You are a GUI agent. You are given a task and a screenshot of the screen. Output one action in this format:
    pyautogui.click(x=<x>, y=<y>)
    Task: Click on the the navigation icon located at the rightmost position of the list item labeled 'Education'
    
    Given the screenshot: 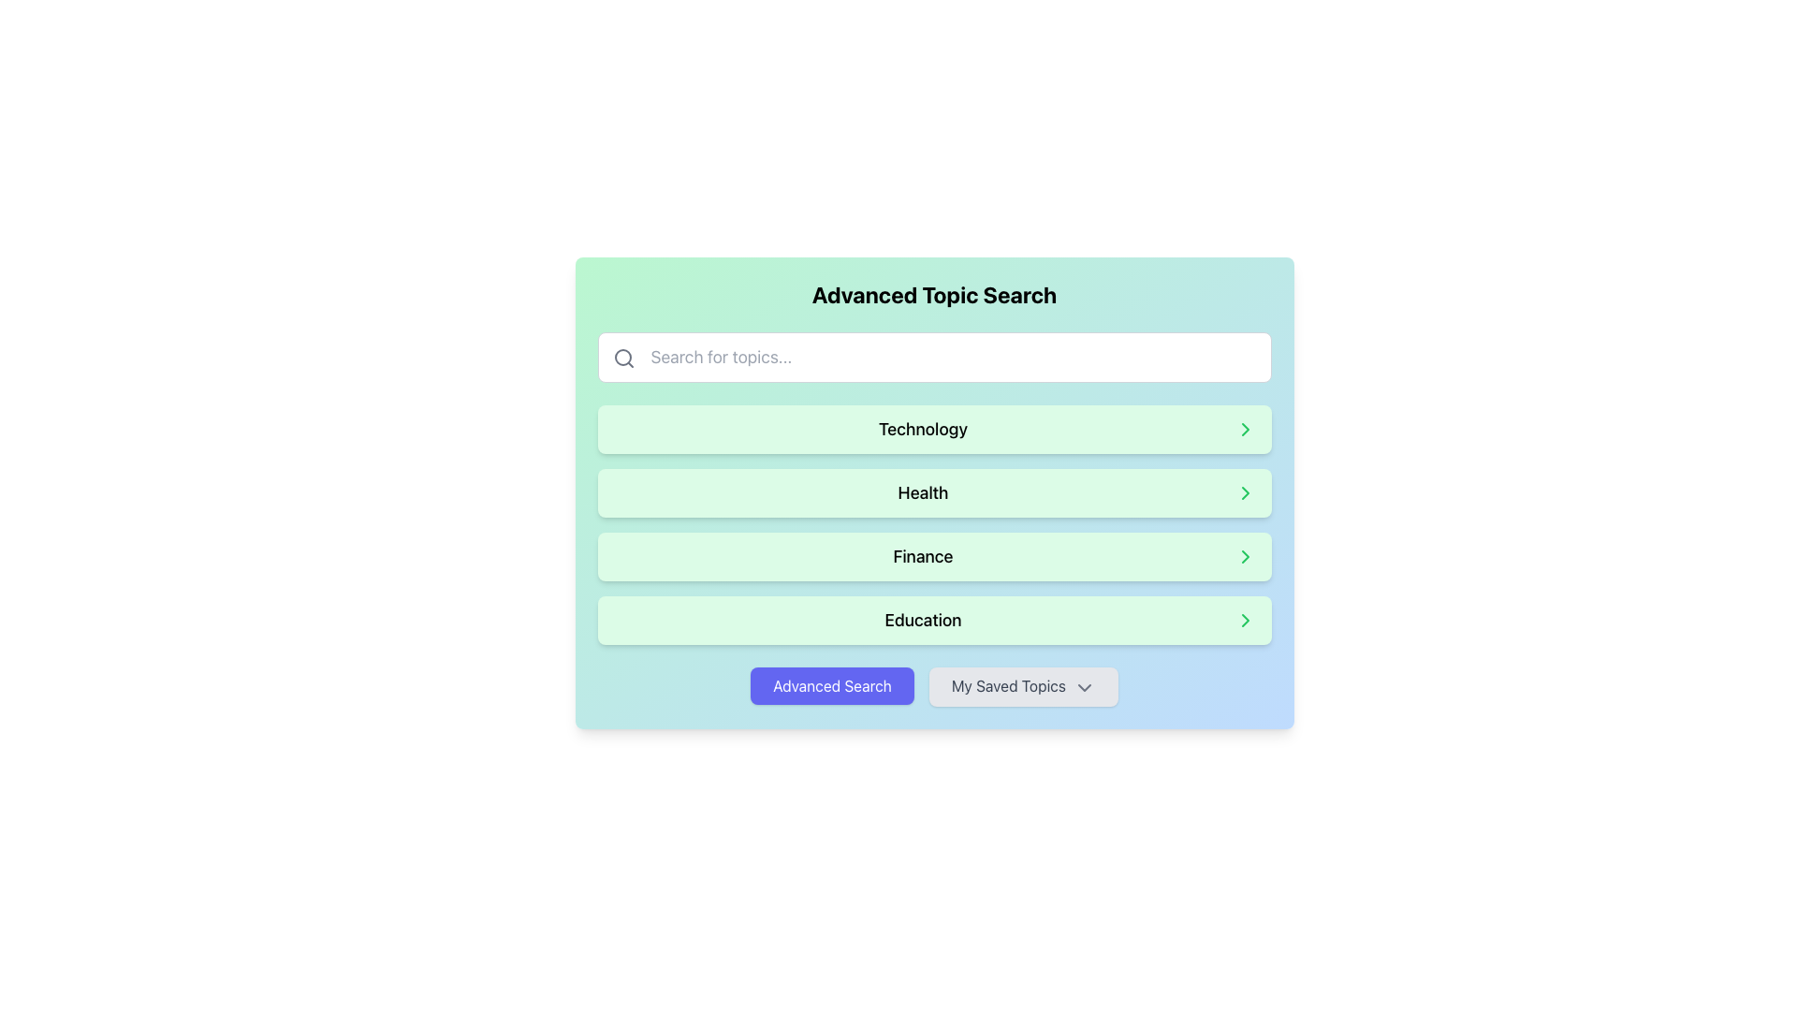 What is the action you would take?
    pyautogui.click(x=1245, y=621)
    